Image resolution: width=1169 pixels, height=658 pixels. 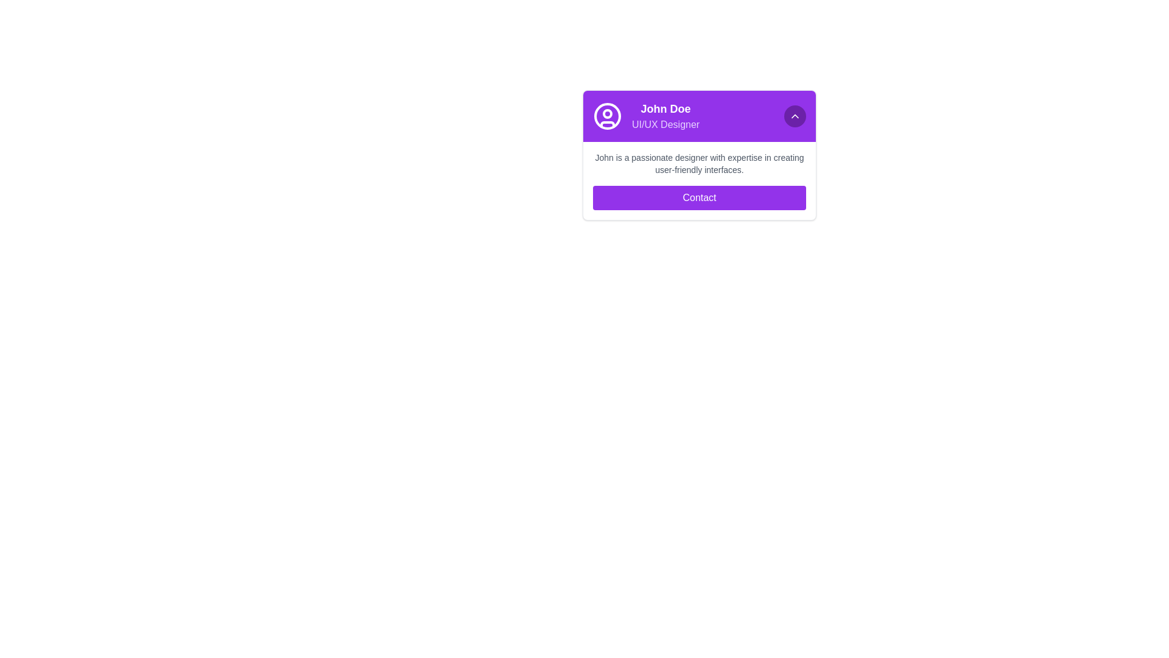 I want to click on the Text Label indicating the professional role or title of 'John Doe', which is positioned in the middle section of the interface within a purple header of a card-like component, so click(x=665, y=124).